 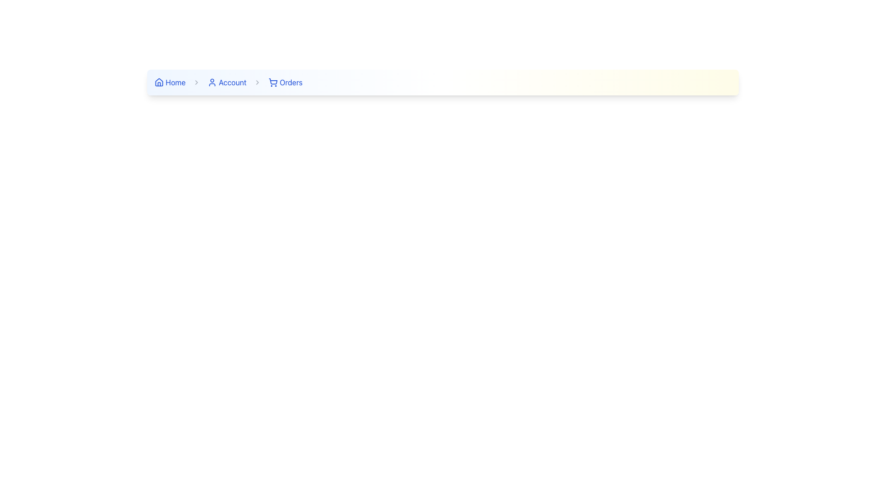 I want to click on the third breadcrumb link labeled 'Orders' in the header section, so click(x=285, y=82).